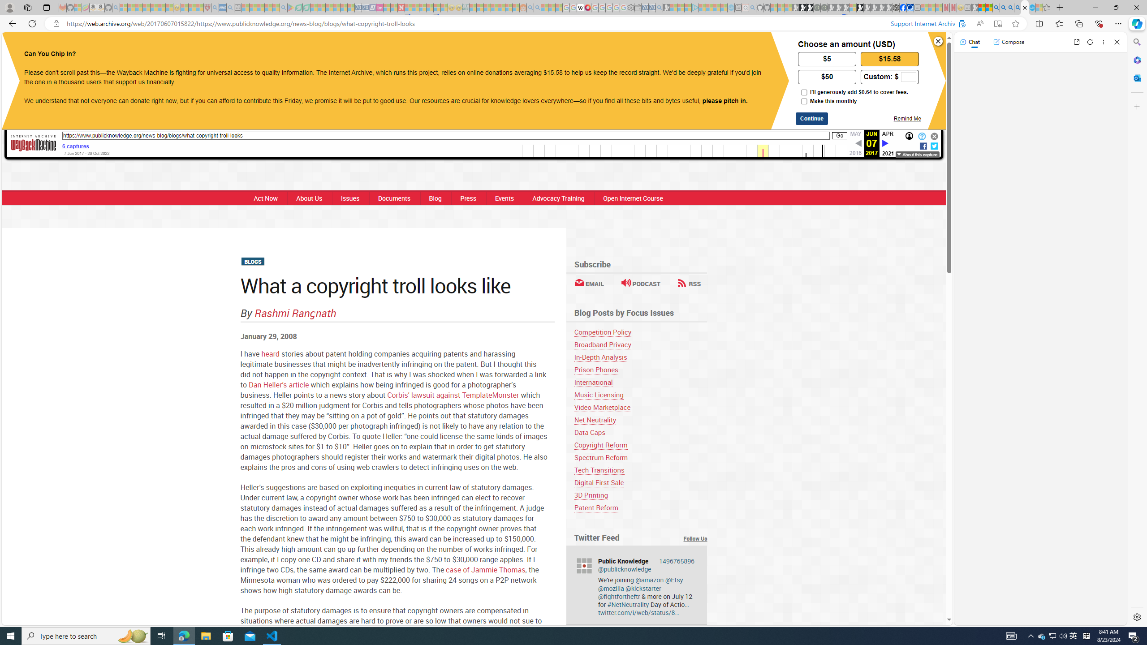 The width and height of the screenshot is (1147, 645). I want to click on 'In-Depth Analysis', so click(600, 357).